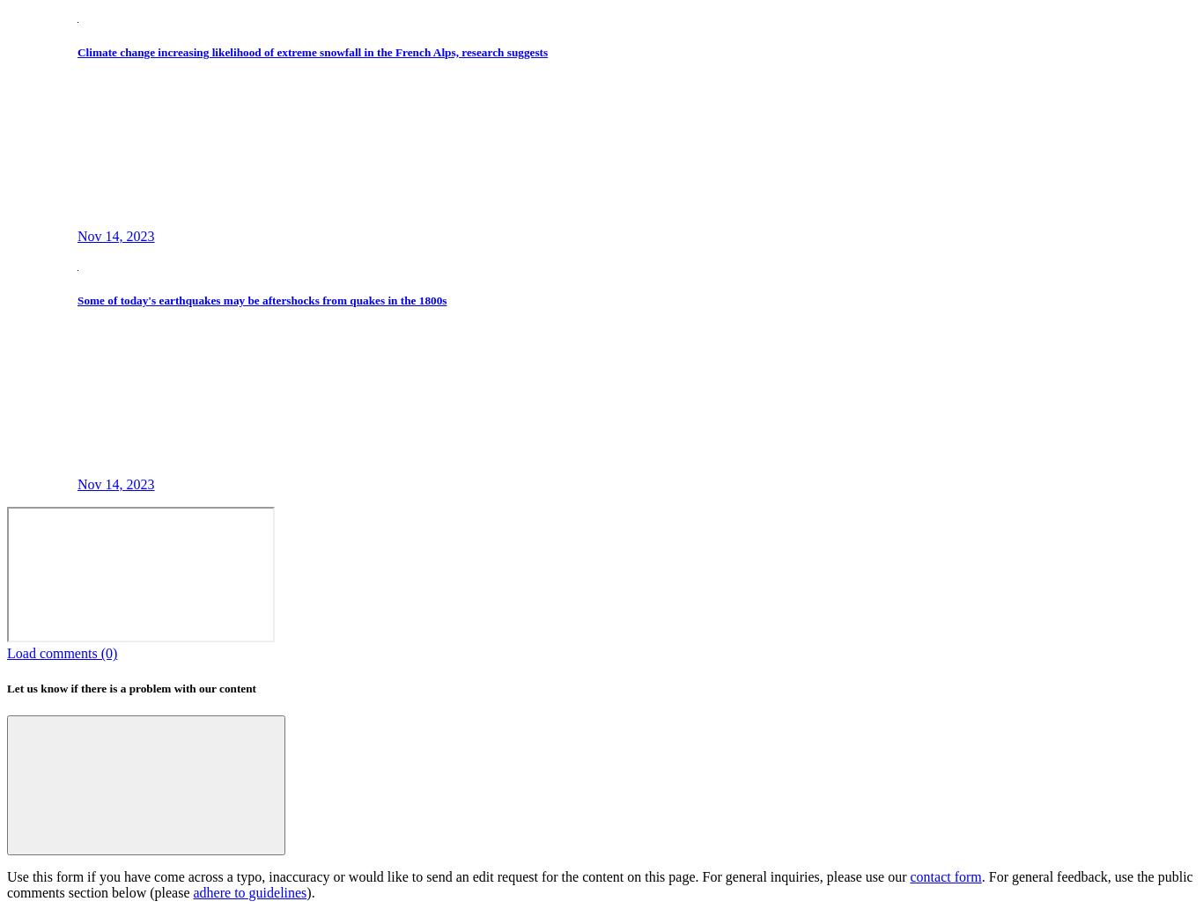 The width and height of the screenshot is (1203, 916). What do you see at coordinates (458, 876) in the screenshot?
I see `'Use this form if you have come across a typo, inaccuracy or would like to send an edit request for the content on this page.
											For general inquiries, please use our'` at bounding box center [458, 876].